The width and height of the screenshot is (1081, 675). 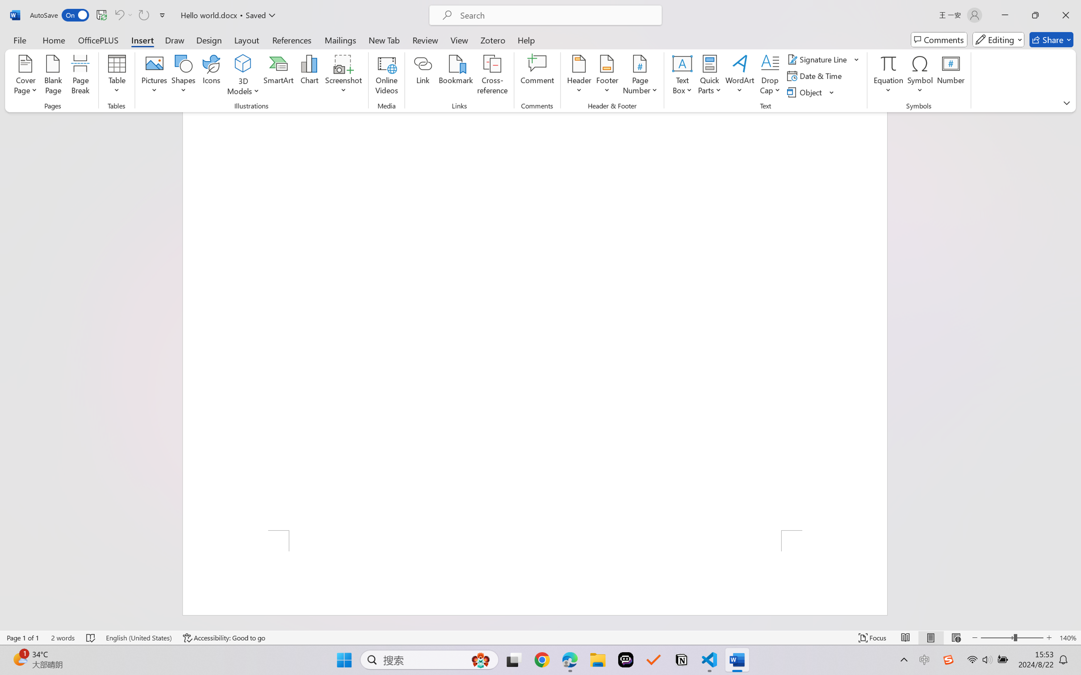 What do you see at coordinates (1065, 15) in the screenshot?
I see `'Close'` at bounding box center [1065, 15].